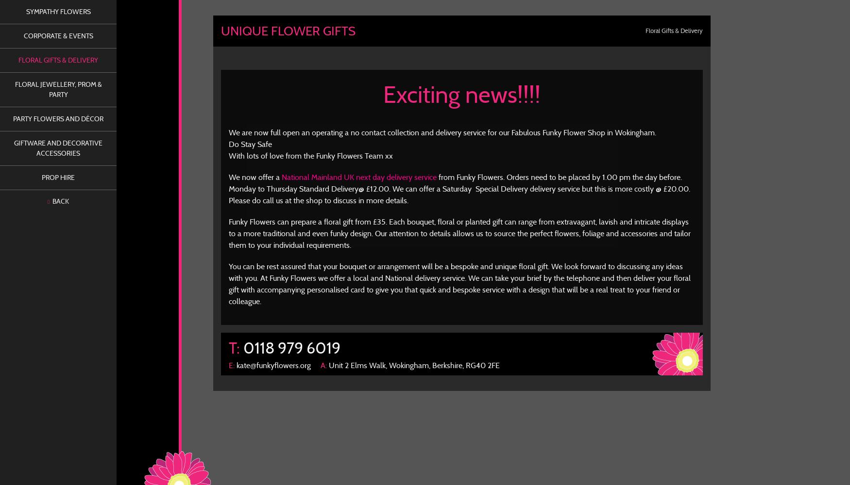  I want to click on 'Flower Webshop – Now Open', so click(58, 16).